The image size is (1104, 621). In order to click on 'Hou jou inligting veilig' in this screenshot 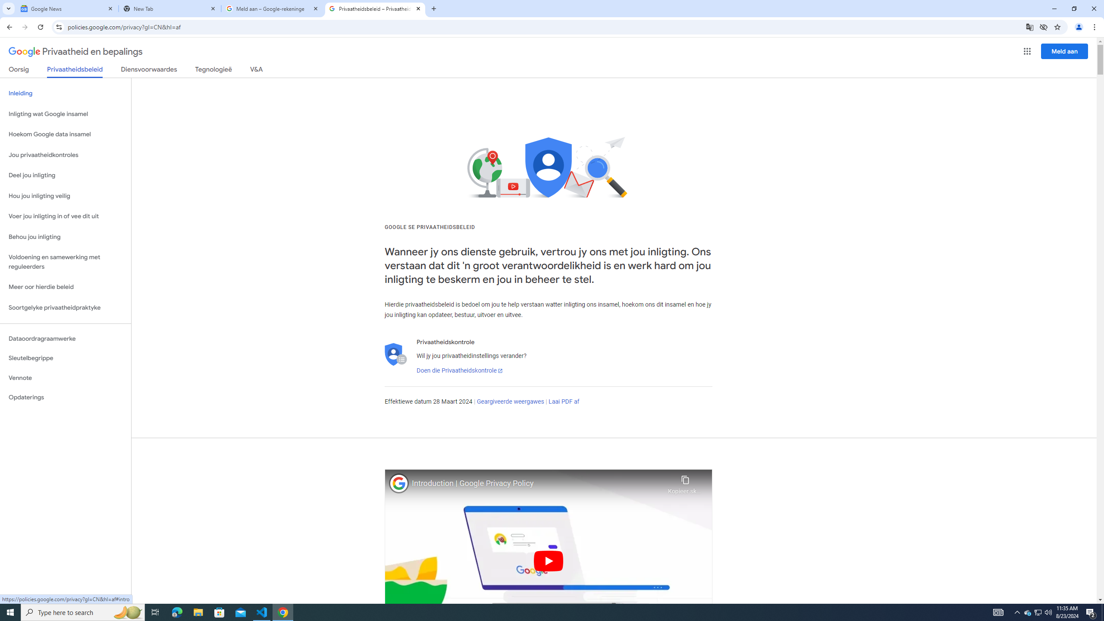, I will do `click(65, 196)`.